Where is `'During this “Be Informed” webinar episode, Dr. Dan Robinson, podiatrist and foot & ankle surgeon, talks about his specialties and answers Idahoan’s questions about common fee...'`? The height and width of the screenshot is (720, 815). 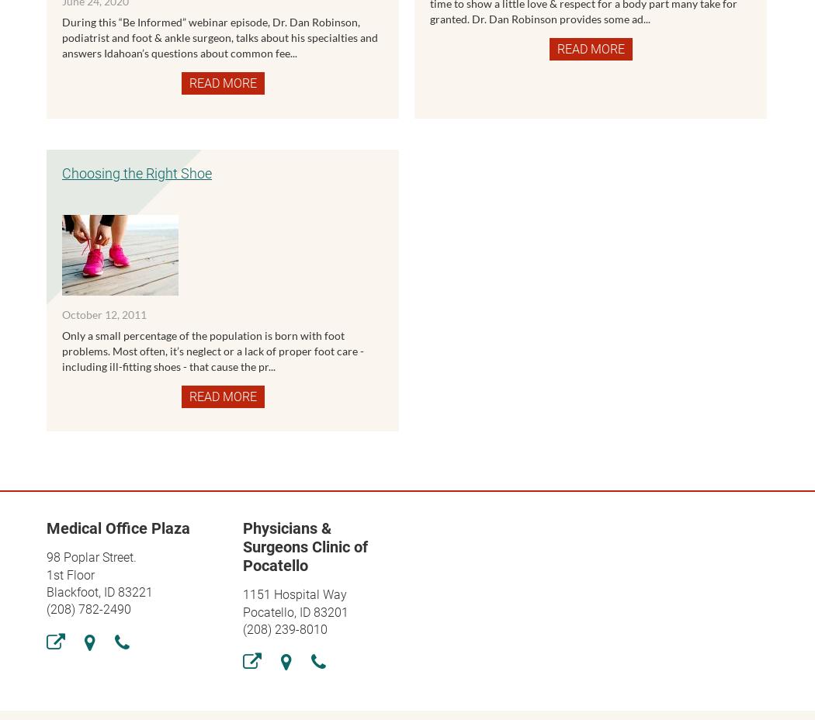 'During this “Be Informed” webinar episode, Dr. Dan Robinson, podiatrist and foot & ankle surgeon, talks about his specialties and answers Idahoan’s questions about common fee...' is located at coordinates (62, 36).